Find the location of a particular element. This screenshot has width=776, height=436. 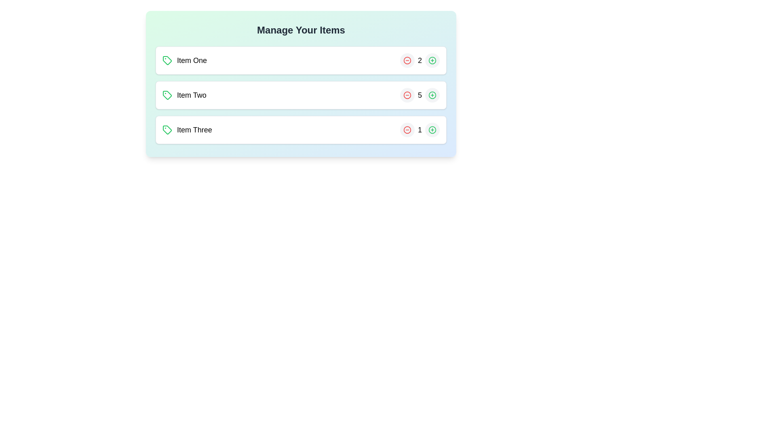

plus button for the item Item Two to increase its quantity is located at coordinates (432, 94).